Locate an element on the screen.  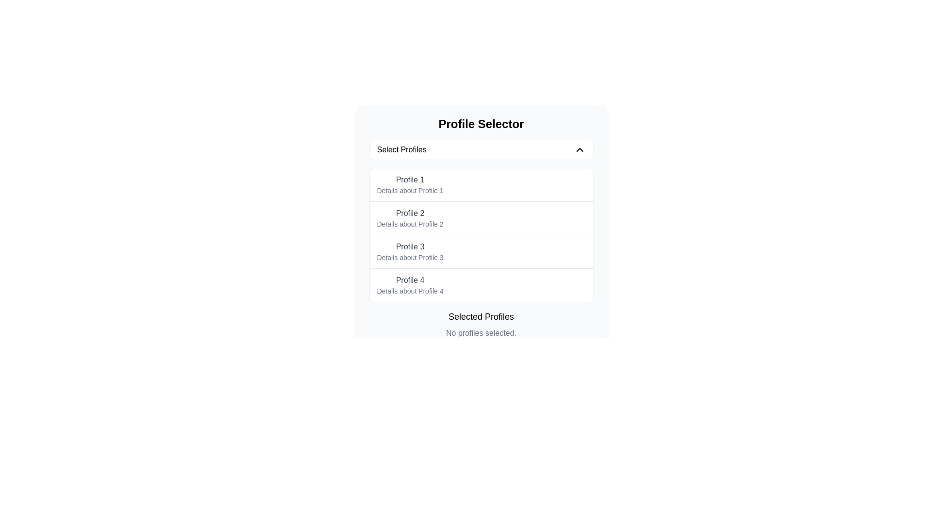
the list item labeled 'Profile 2' is located at coordinates (410, 218).